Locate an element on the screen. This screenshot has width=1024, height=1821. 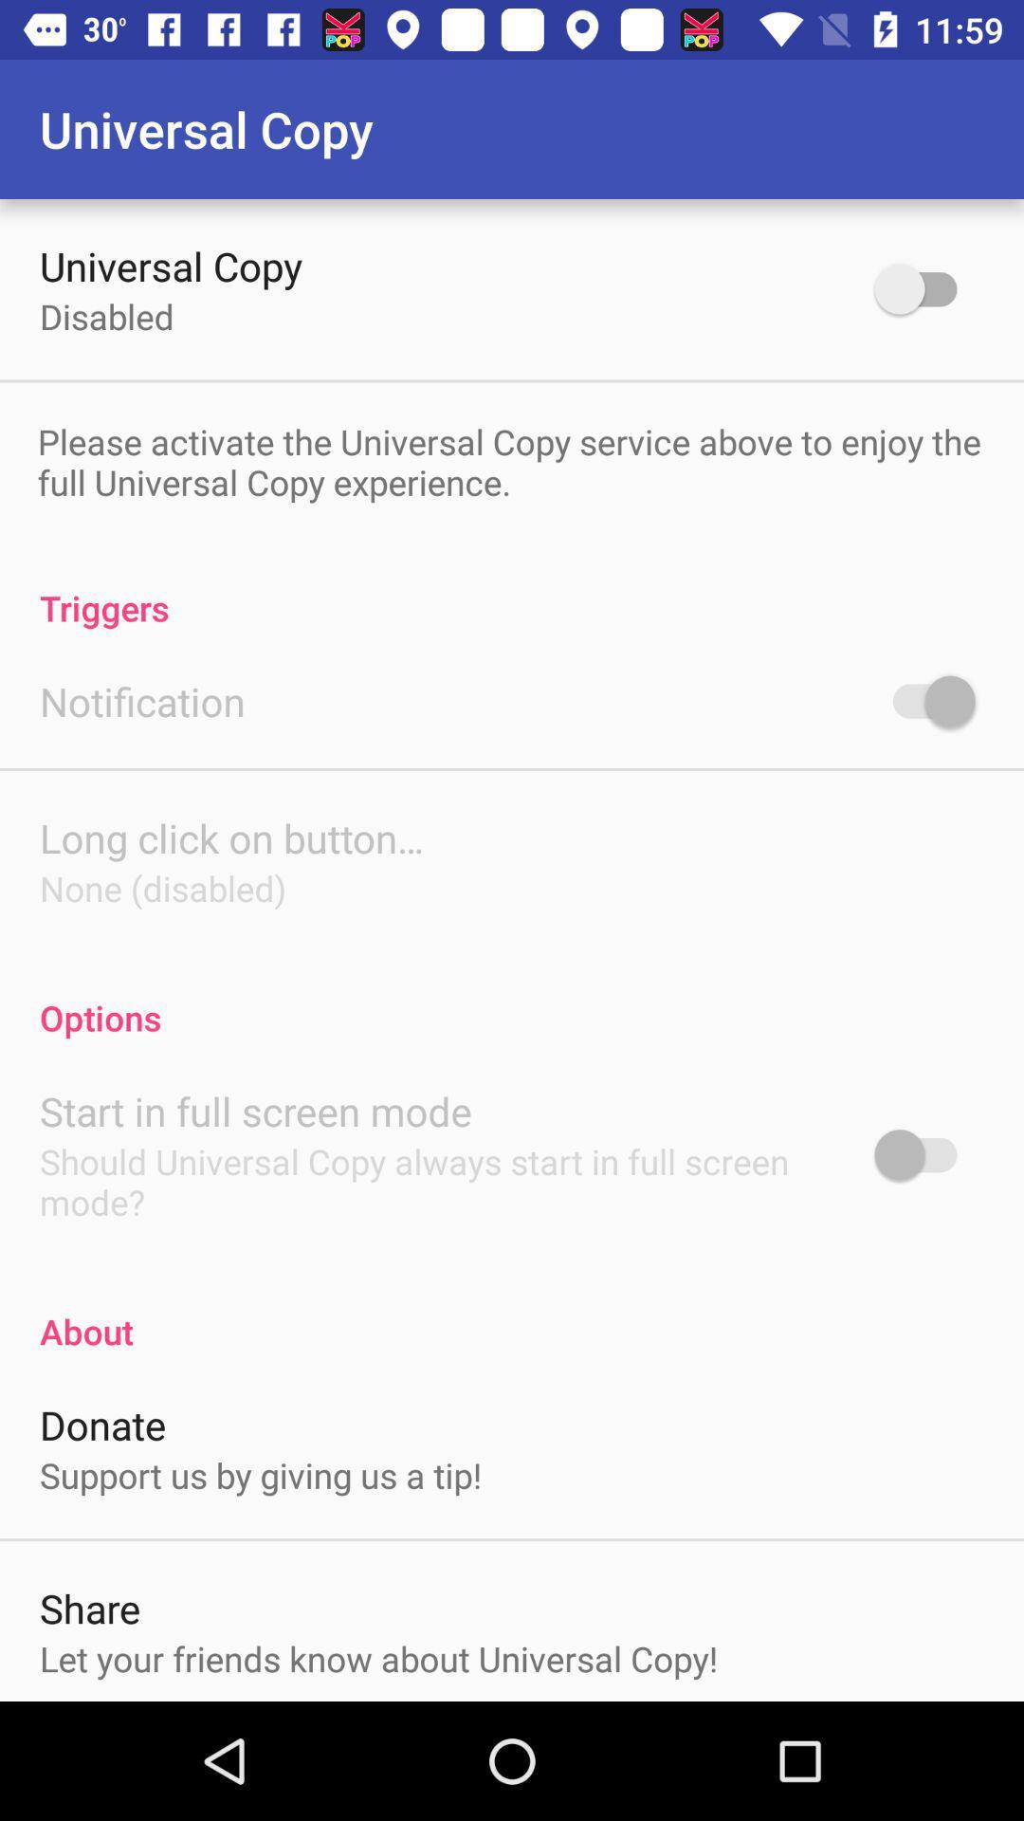
the icon below none (disabled) is located at coordinates (512, 997).